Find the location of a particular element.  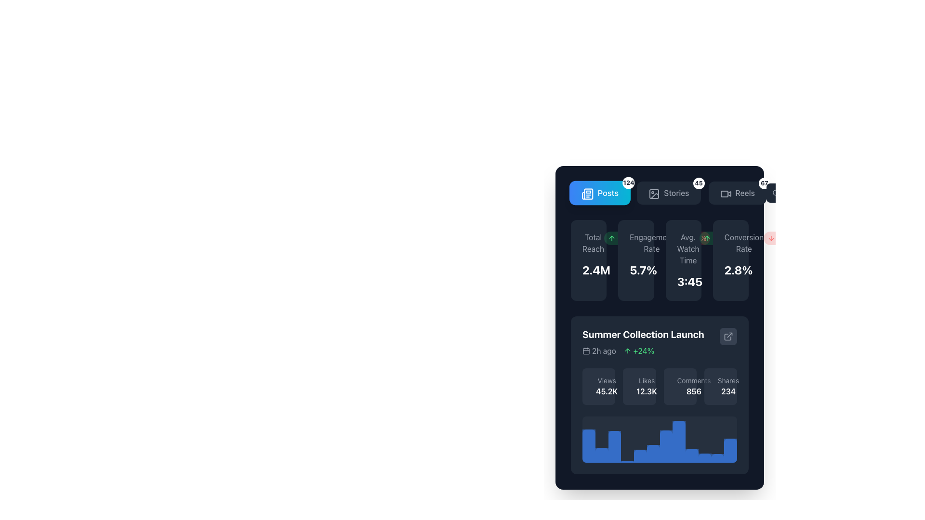

the 'Posts' icon located to the left of the text 'Posts' and near the counter '124' is located at coordinates (586, 193).